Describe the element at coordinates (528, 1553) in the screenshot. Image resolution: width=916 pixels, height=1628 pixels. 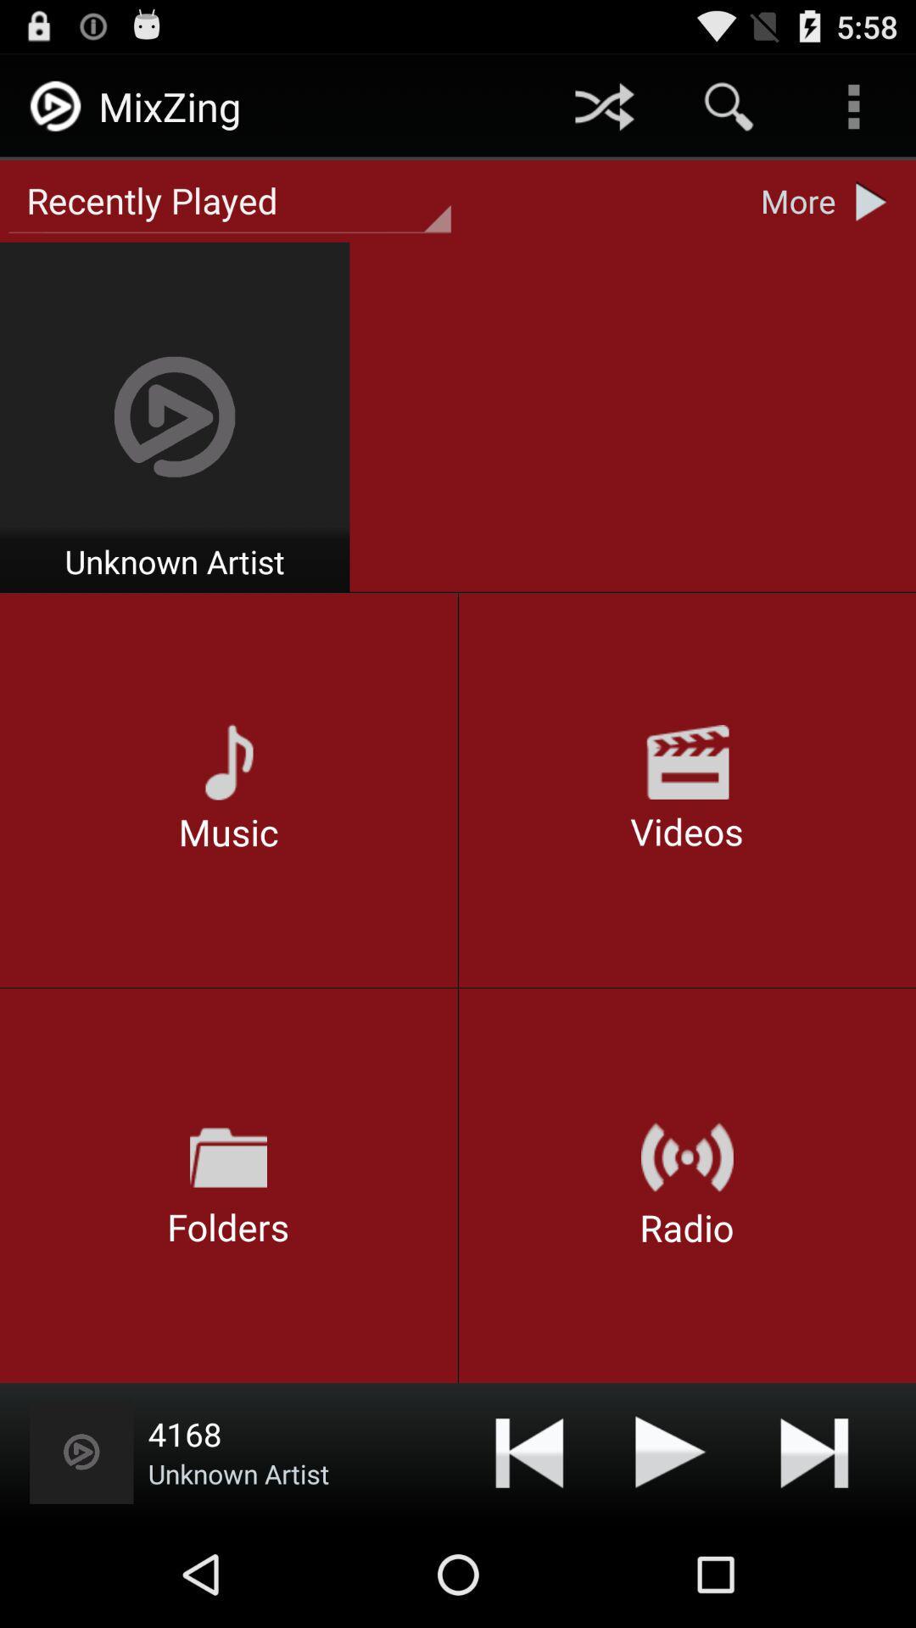
I see `the skip_previous icon` at that location.